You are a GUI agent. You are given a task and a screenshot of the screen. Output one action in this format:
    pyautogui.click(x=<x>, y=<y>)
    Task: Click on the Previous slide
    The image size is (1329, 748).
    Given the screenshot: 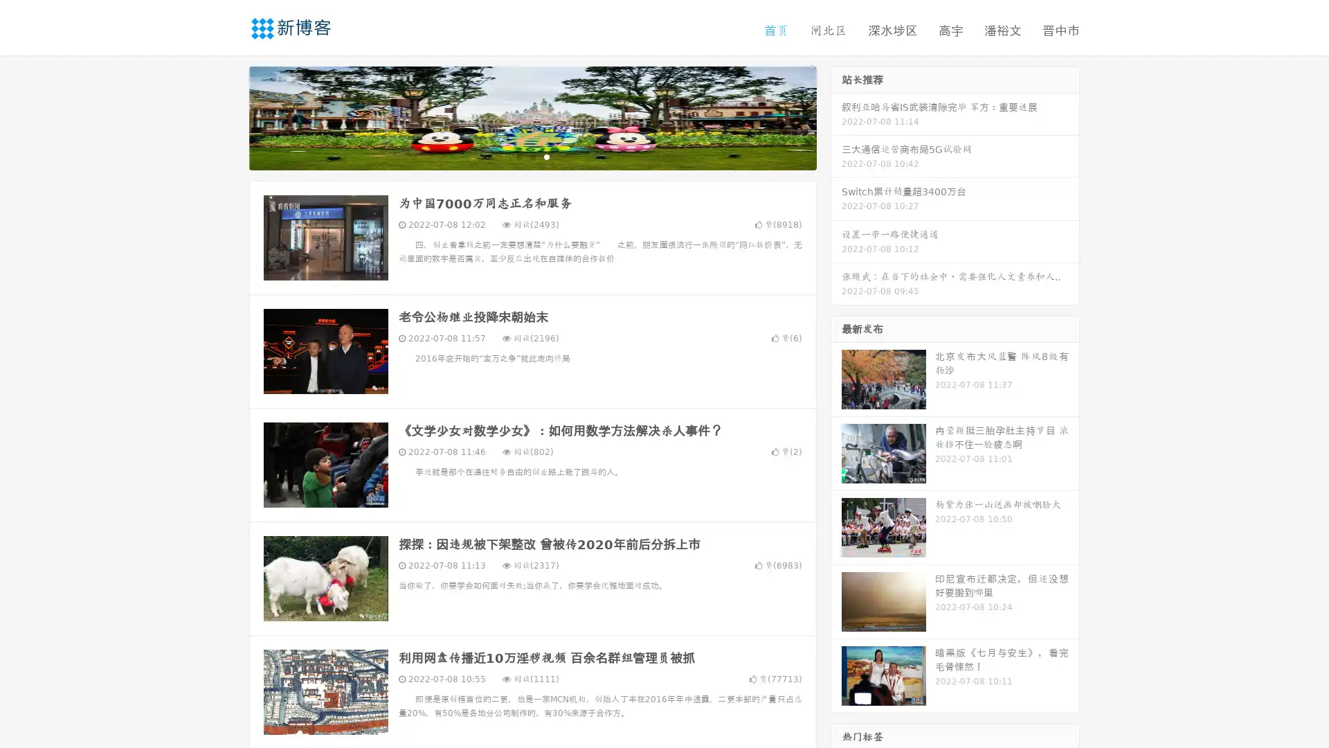 What is the action you would take?
    pyautogui.click(x=228, y=116)
    